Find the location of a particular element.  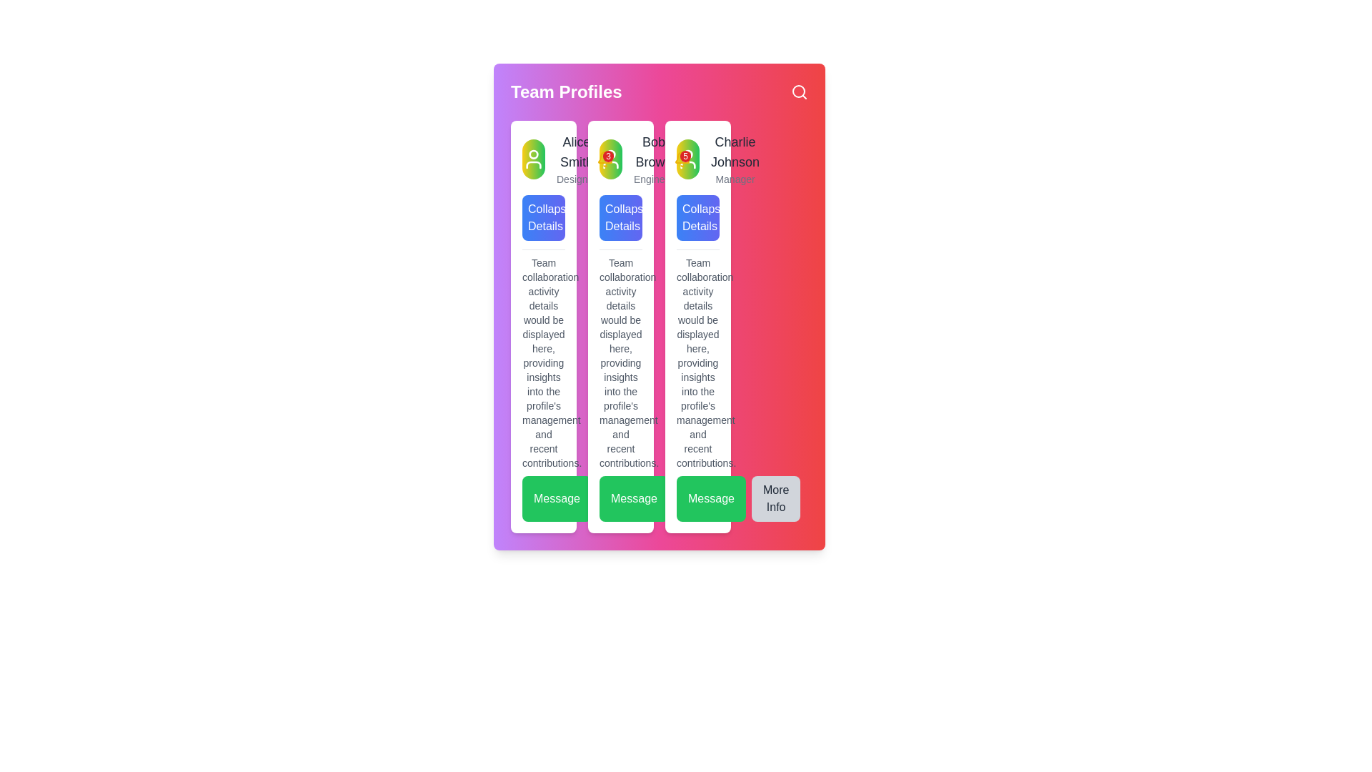

the largest text block styled in gray, located below the blue button labeled 'Collapse Details' and between the header information and the buttons 'Message' and 'More Info' is located at coordinates (543, 385).